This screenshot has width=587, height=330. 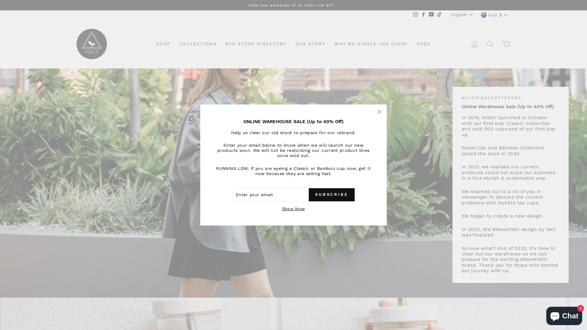 I want to click on 'LOG IN', so click(x=474, y=44).